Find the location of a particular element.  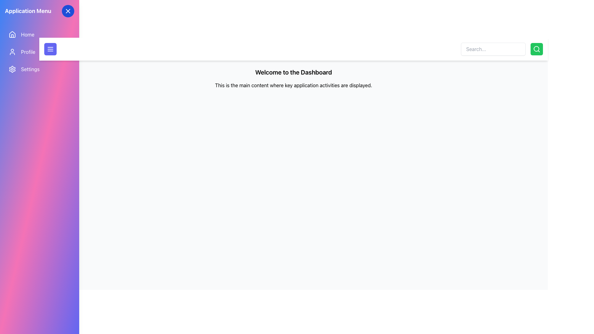

the circular SVG component that represents the search icon in the top navigation bar is located at coordinates (536, 49).